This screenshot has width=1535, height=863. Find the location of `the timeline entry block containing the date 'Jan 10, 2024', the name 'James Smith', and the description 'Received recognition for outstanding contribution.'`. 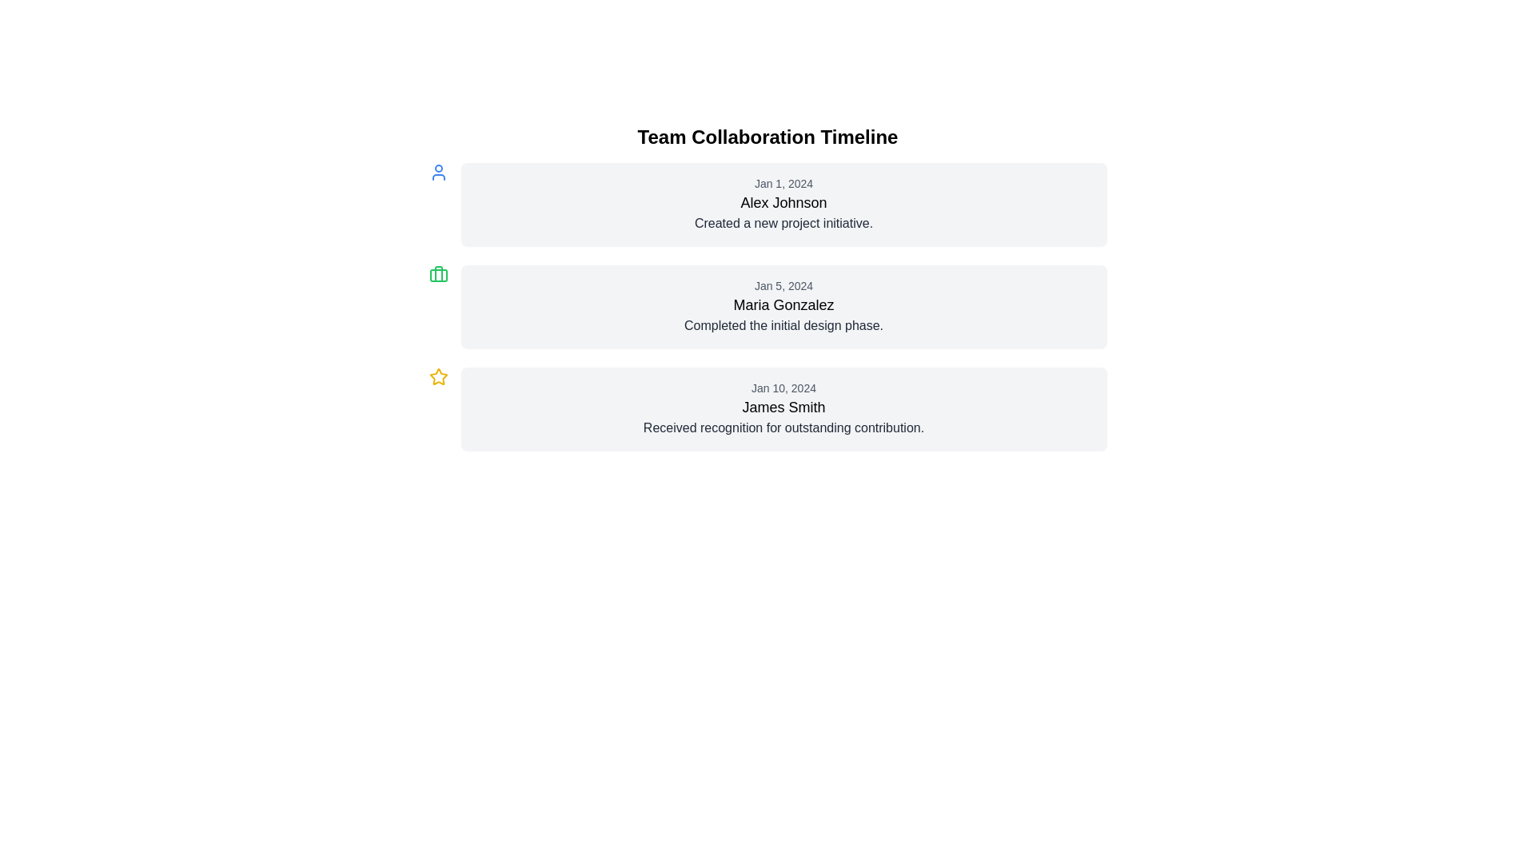

the timeline entry block containing the date 'Jan 10, 2024', the name 'James Smith', and the description 'Received recognition for outstanding contribution.' is located at coordinates (783, 408).